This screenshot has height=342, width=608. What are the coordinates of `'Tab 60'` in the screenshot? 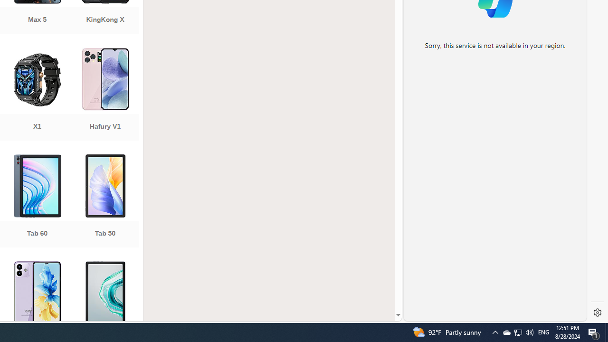 It's located at (37, 201).